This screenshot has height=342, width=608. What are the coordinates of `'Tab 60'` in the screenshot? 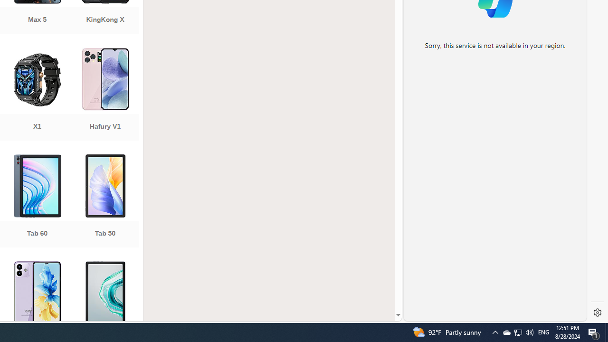 It's located at (37, 201).